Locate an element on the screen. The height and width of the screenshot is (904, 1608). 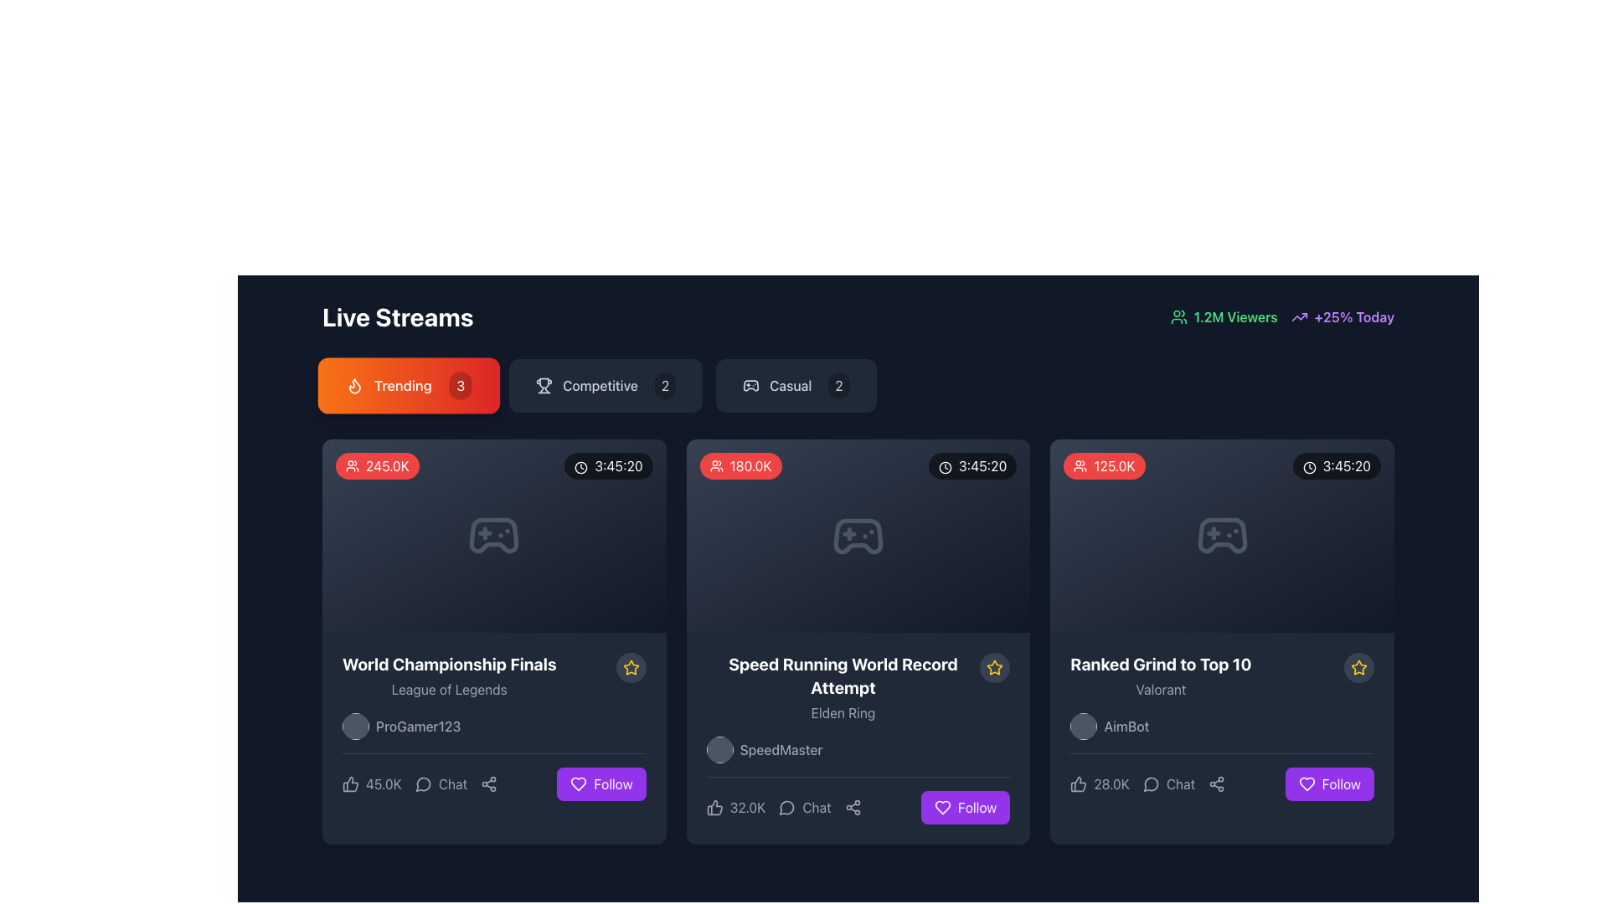
the 'Follow' text label within the button located at the bottom-right corner of the second card in the grid, which indicates the action to follow the associated stream or user is located at coordinates (977, 806).